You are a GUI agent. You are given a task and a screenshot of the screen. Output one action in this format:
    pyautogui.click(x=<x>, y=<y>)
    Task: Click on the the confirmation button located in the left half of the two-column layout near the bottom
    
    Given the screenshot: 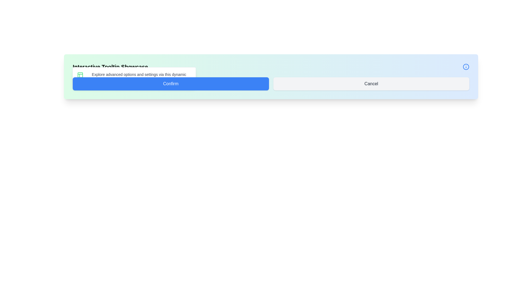 What is the action you would take?
    pyautogui.click(x=170, y=84)
    